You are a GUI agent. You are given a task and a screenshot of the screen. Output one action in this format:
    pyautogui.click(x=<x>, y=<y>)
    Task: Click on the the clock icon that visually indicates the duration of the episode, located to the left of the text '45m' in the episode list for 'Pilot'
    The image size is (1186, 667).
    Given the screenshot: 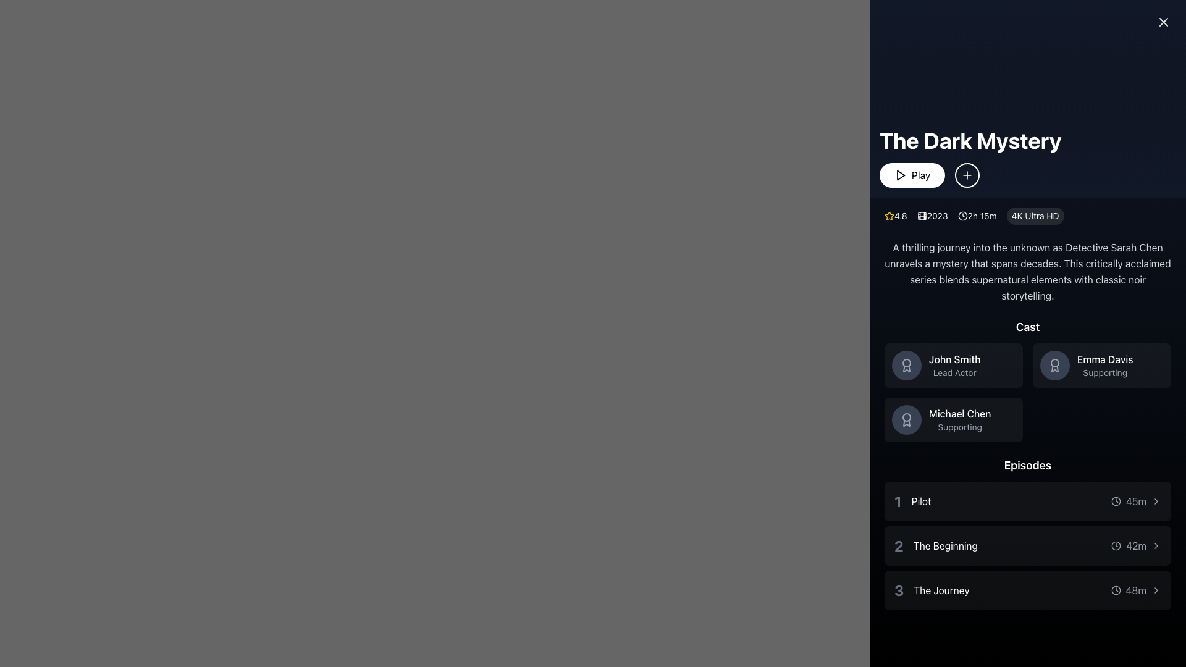 What is the action you would take?
    pyautogui.click(x=1116, y=501)
    